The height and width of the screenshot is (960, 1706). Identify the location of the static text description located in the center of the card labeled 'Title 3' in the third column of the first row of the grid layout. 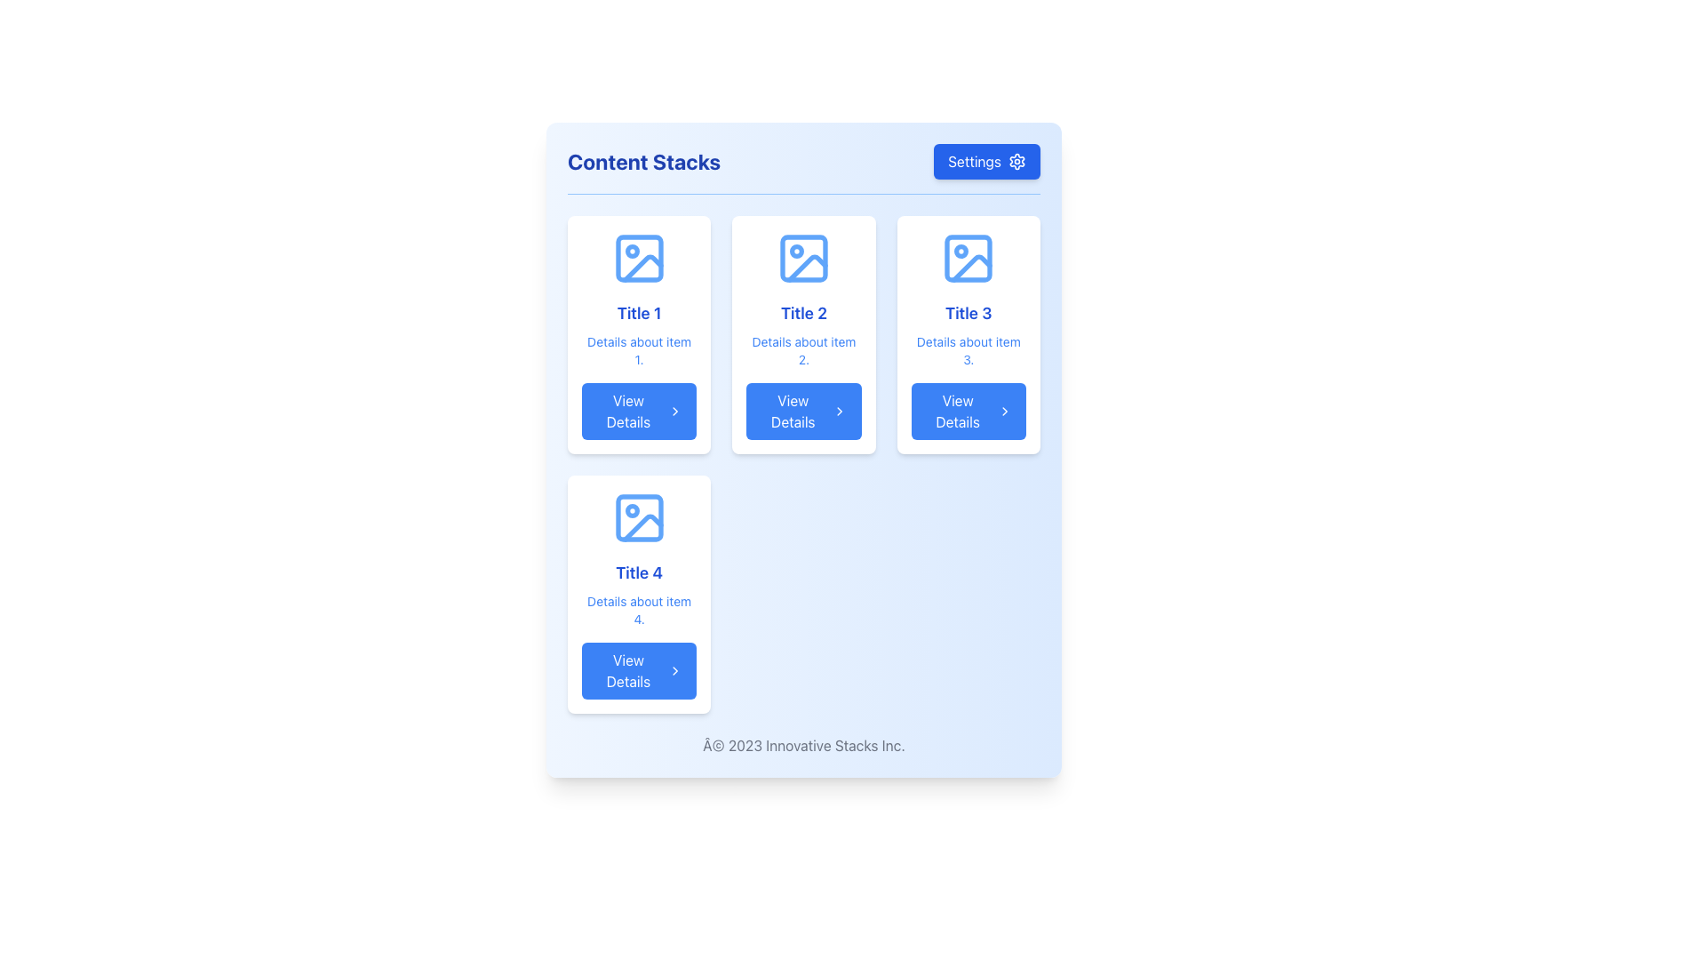
(968, 350).